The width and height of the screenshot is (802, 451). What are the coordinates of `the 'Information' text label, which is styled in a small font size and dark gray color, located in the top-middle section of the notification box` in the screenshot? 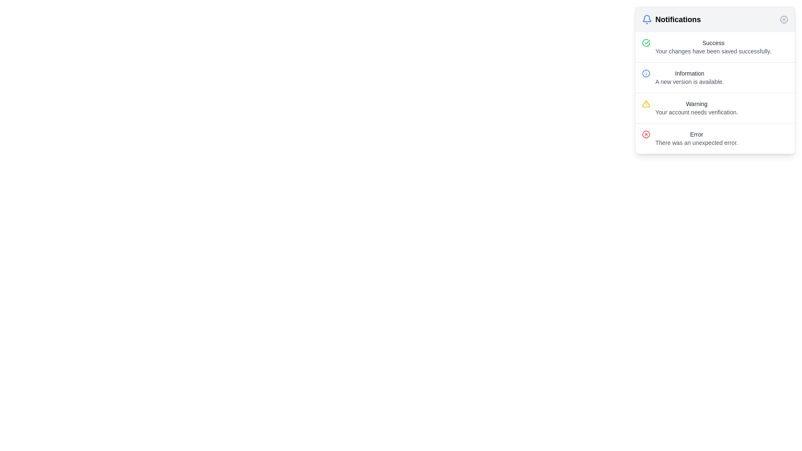 It's located at (690, 73).